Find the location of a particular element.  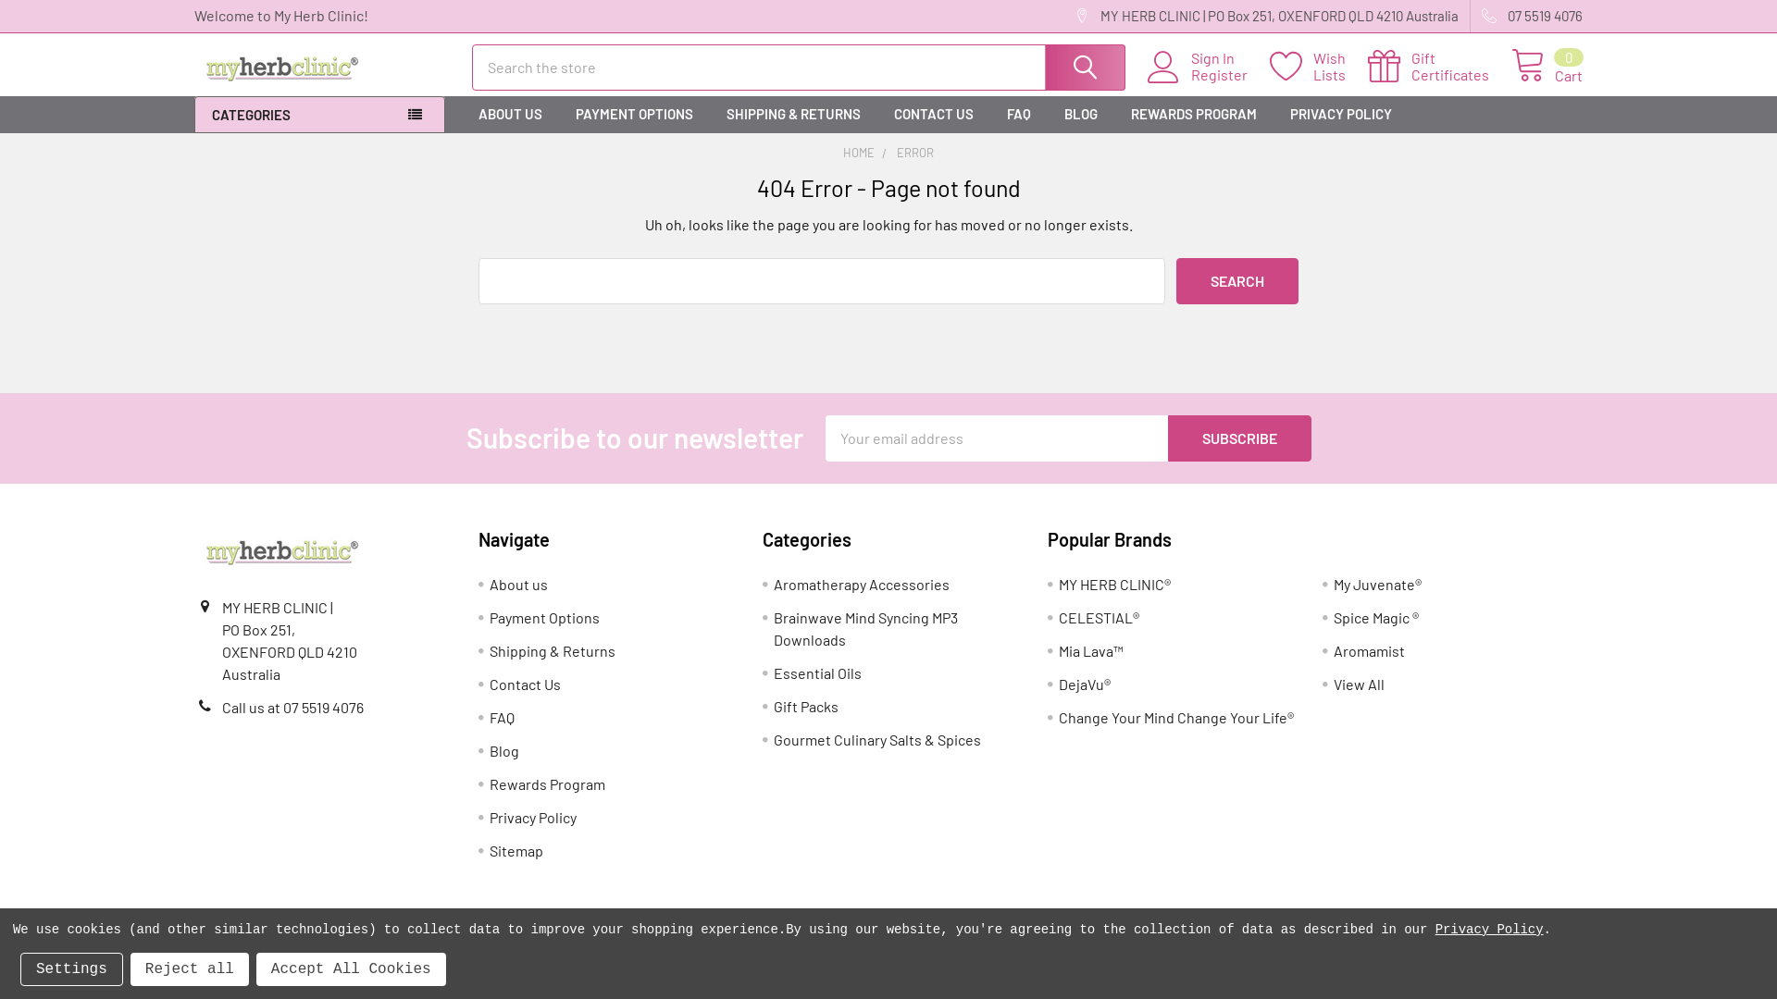

'Rewards Program' is located at coordinates (489, 783).